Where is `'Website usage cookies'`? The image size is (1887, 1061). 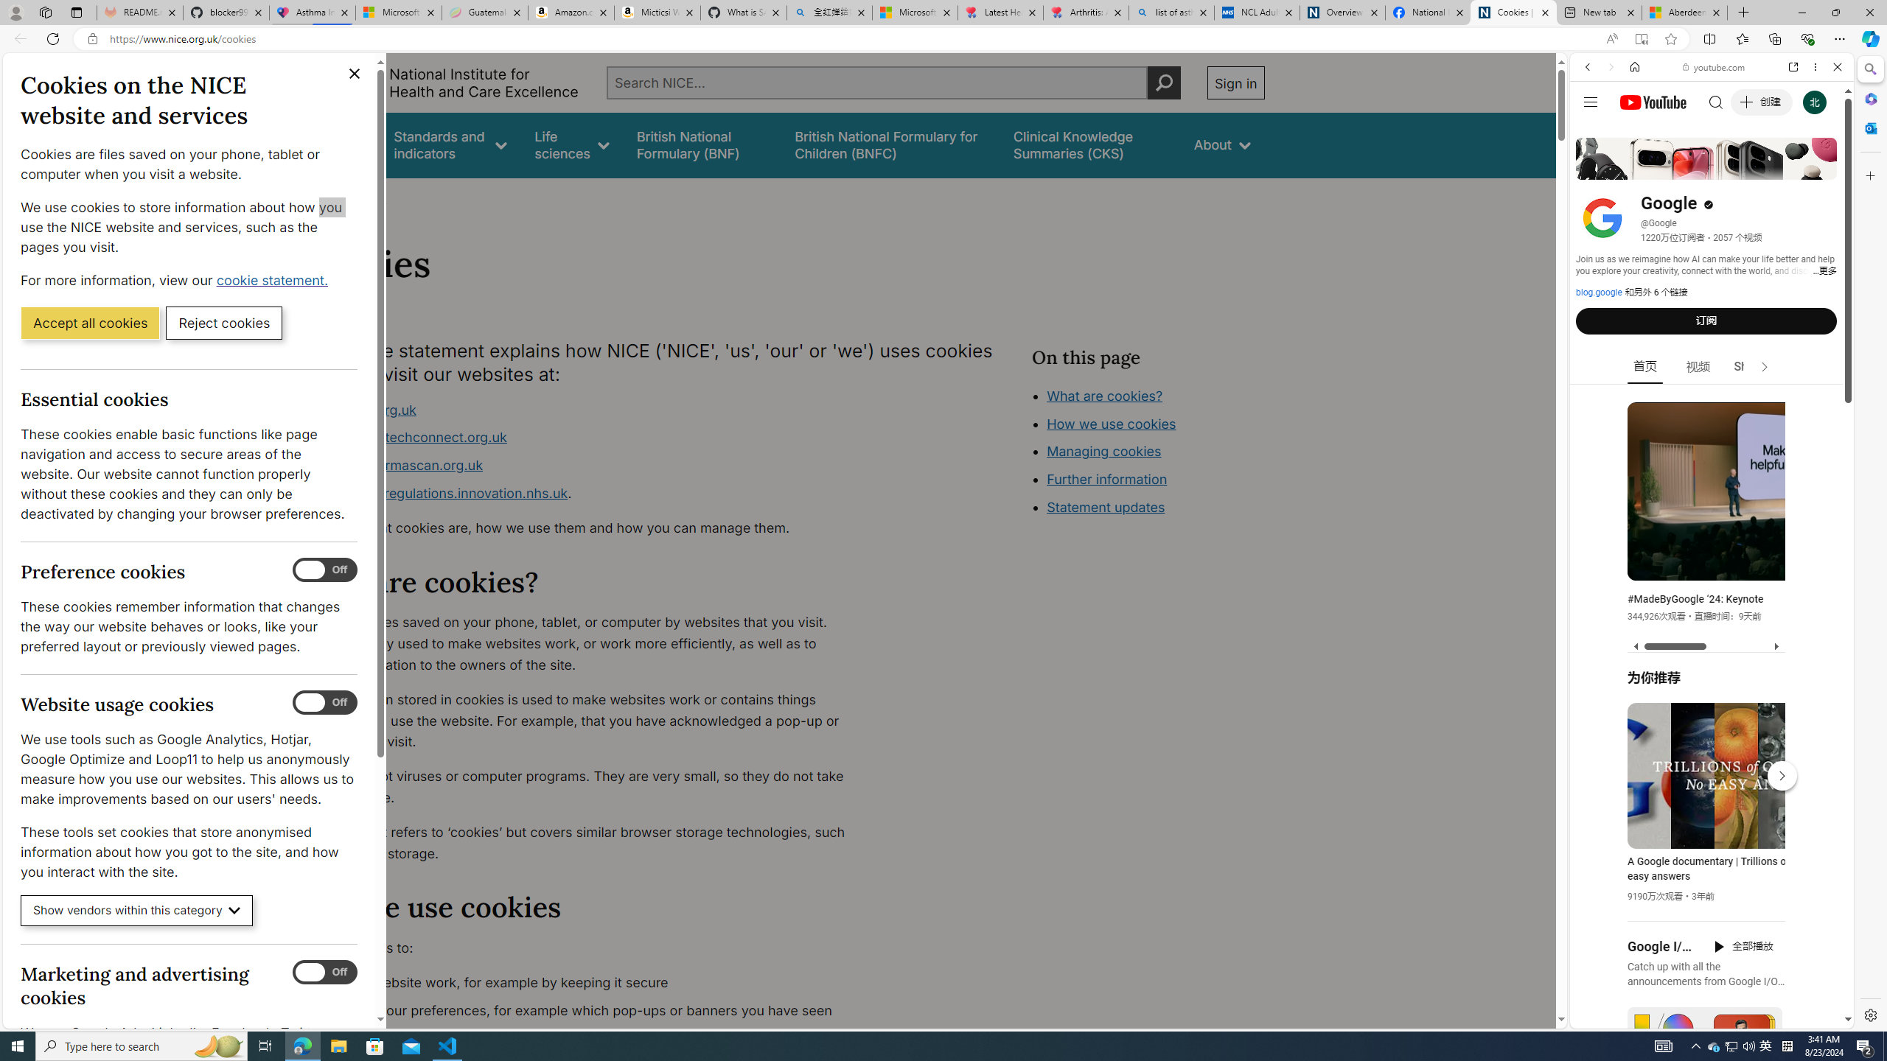
'Website usage cookies' is located at coordinates (324, 702).